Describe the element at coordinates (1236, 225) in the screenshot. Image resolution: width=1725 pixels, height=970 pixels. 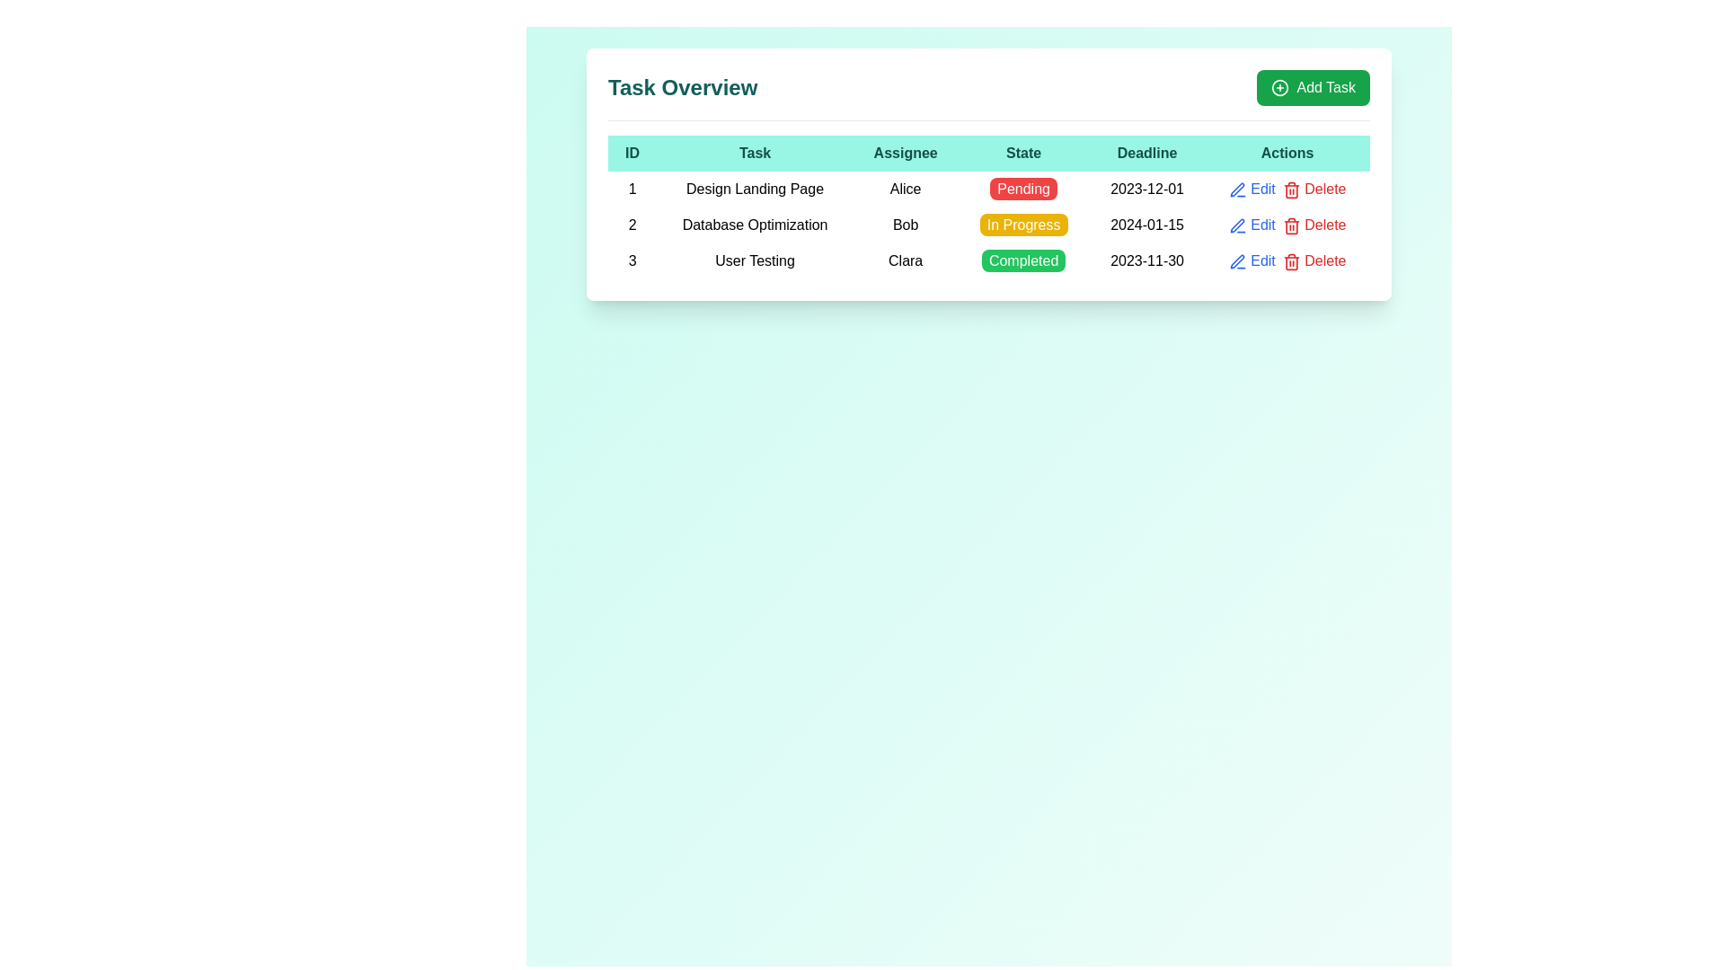
I see `the blue pen icon next to the 'Edit' text in the 'Actions' column of the task management table` at that location.